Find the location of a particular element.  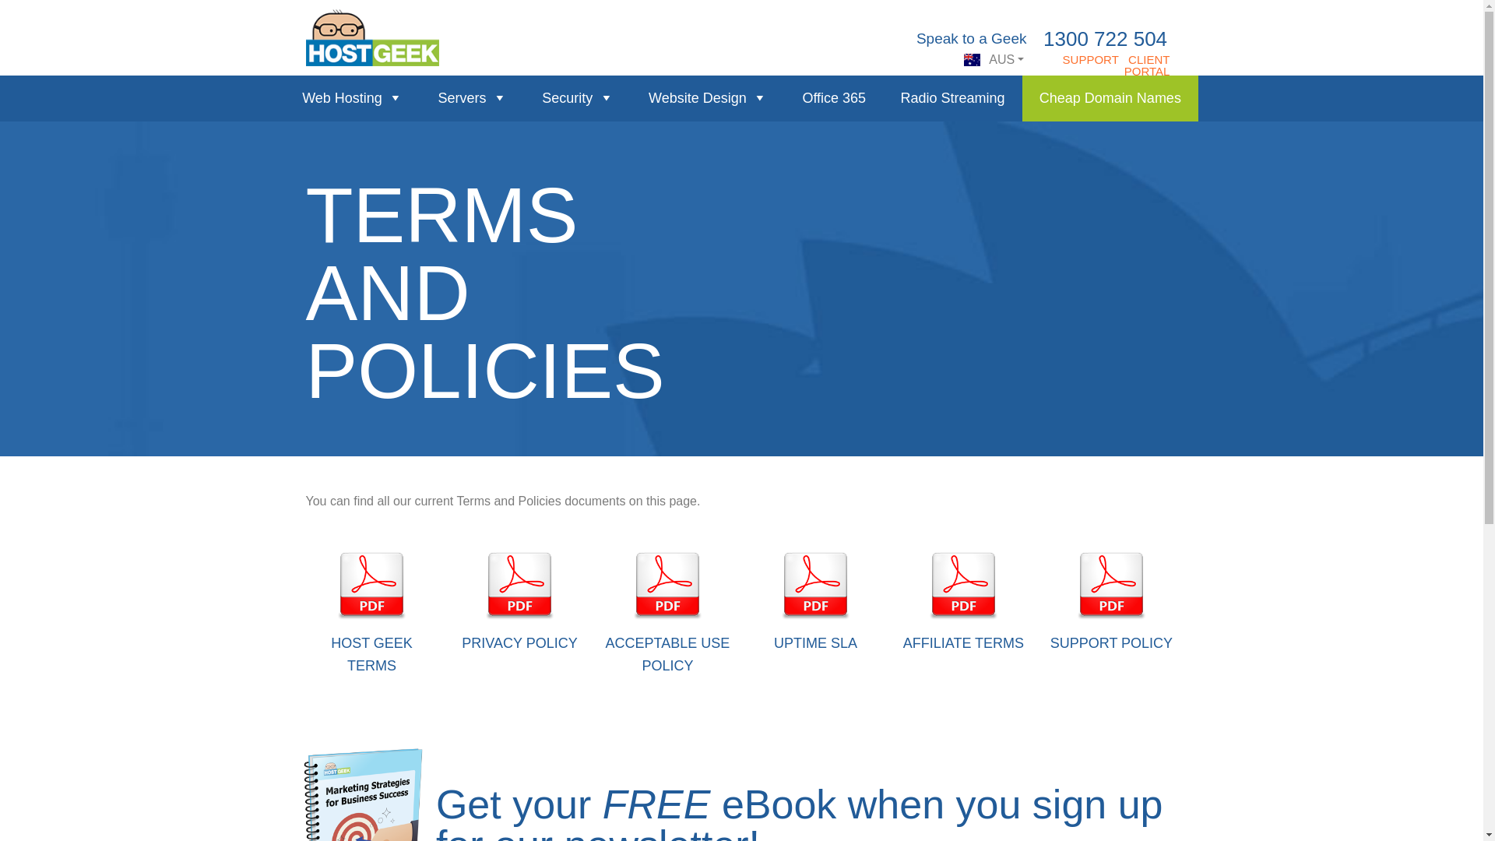

'AFFILIATE TERMS' is located at coordinates (962, 642).